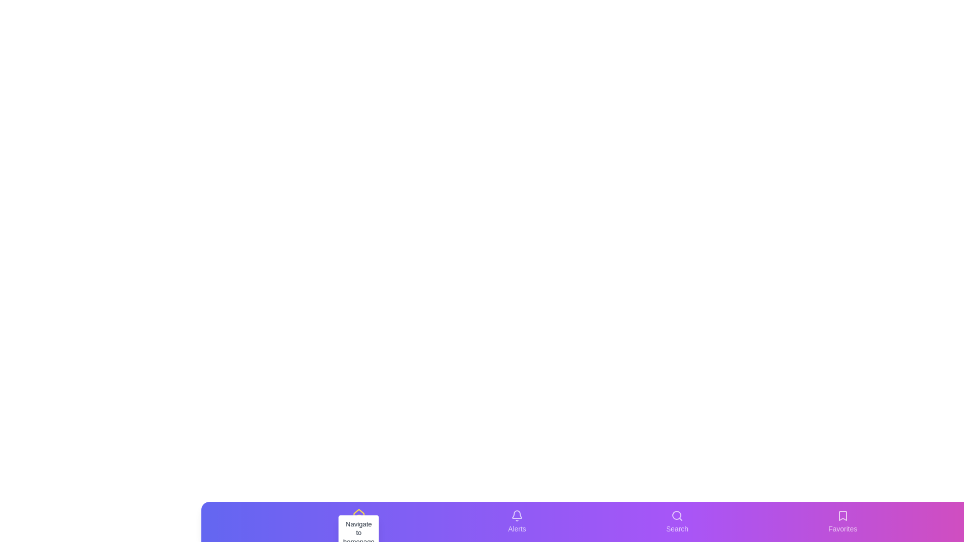 Image resolution: width=964 pixels, height=542 pixels. I want to click on the tab labeled Alerts in the bottom navigation bar, so click(517, 521).